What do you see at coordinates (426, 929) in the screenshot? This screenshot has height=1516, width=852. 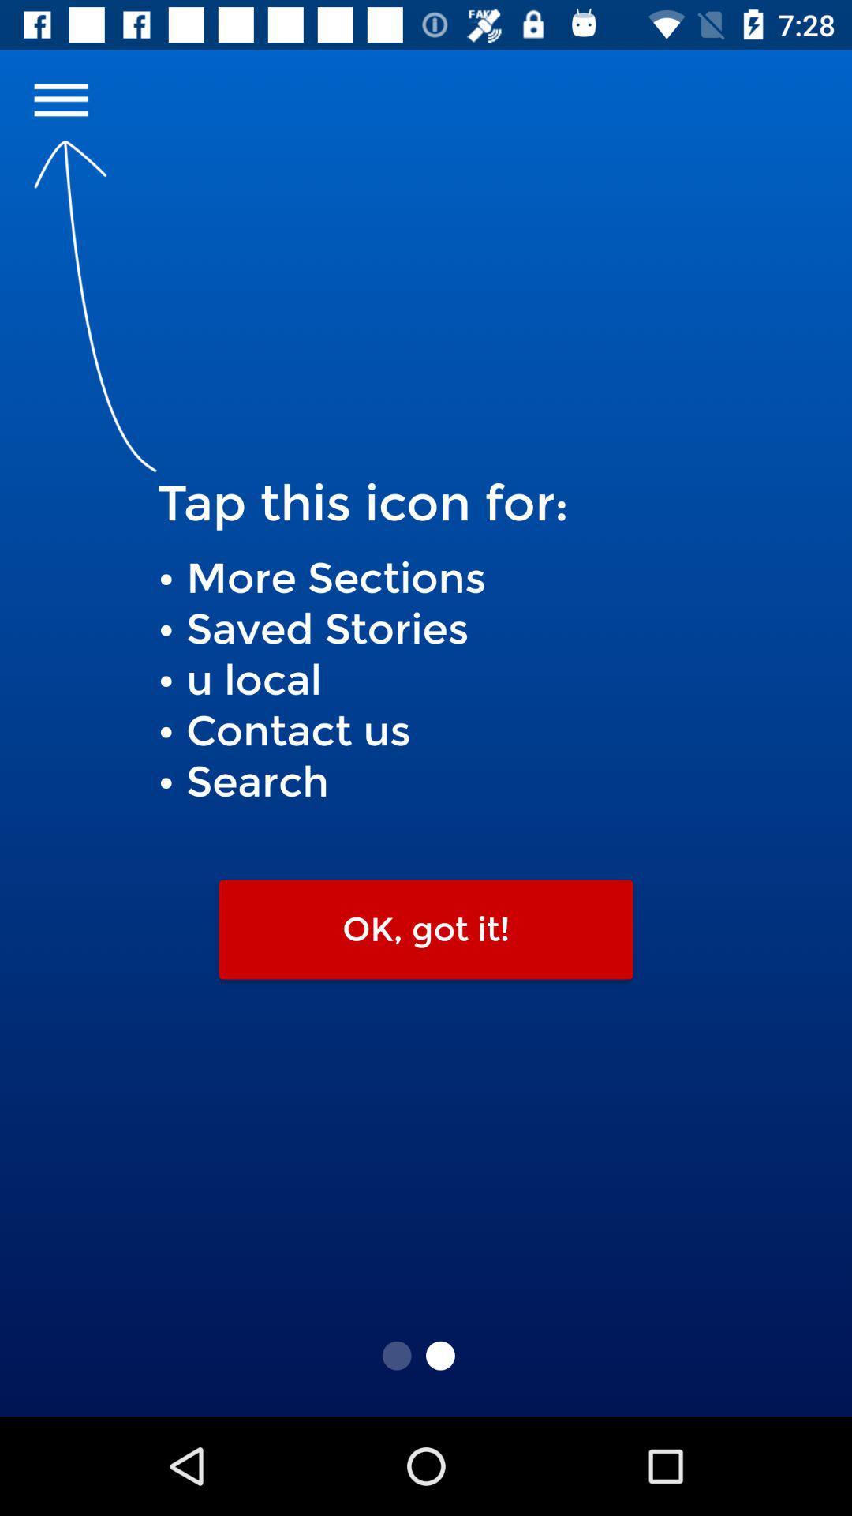 I see `the ok, got it! icon` at bounding box center [426, 929].